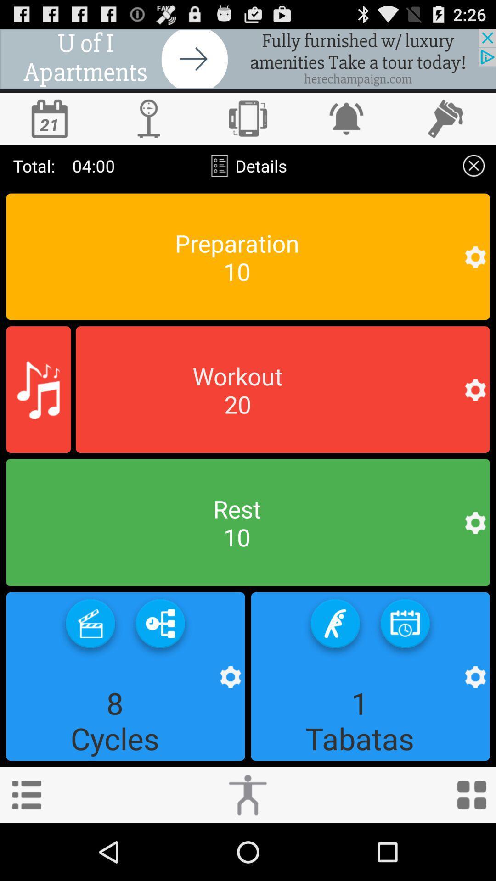  I want to click on click the video player option, so click(90, 626).